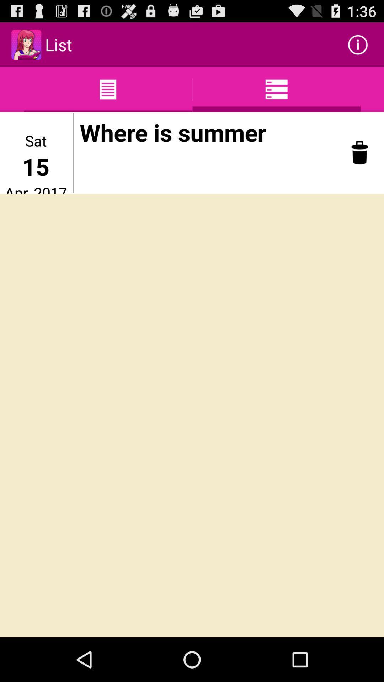 The width and height of the screenshot is (384, 682). What do you see at coordinates (73, 152) in the screenshot?
I see `icon below list icon` at bounding box center [73, 152].